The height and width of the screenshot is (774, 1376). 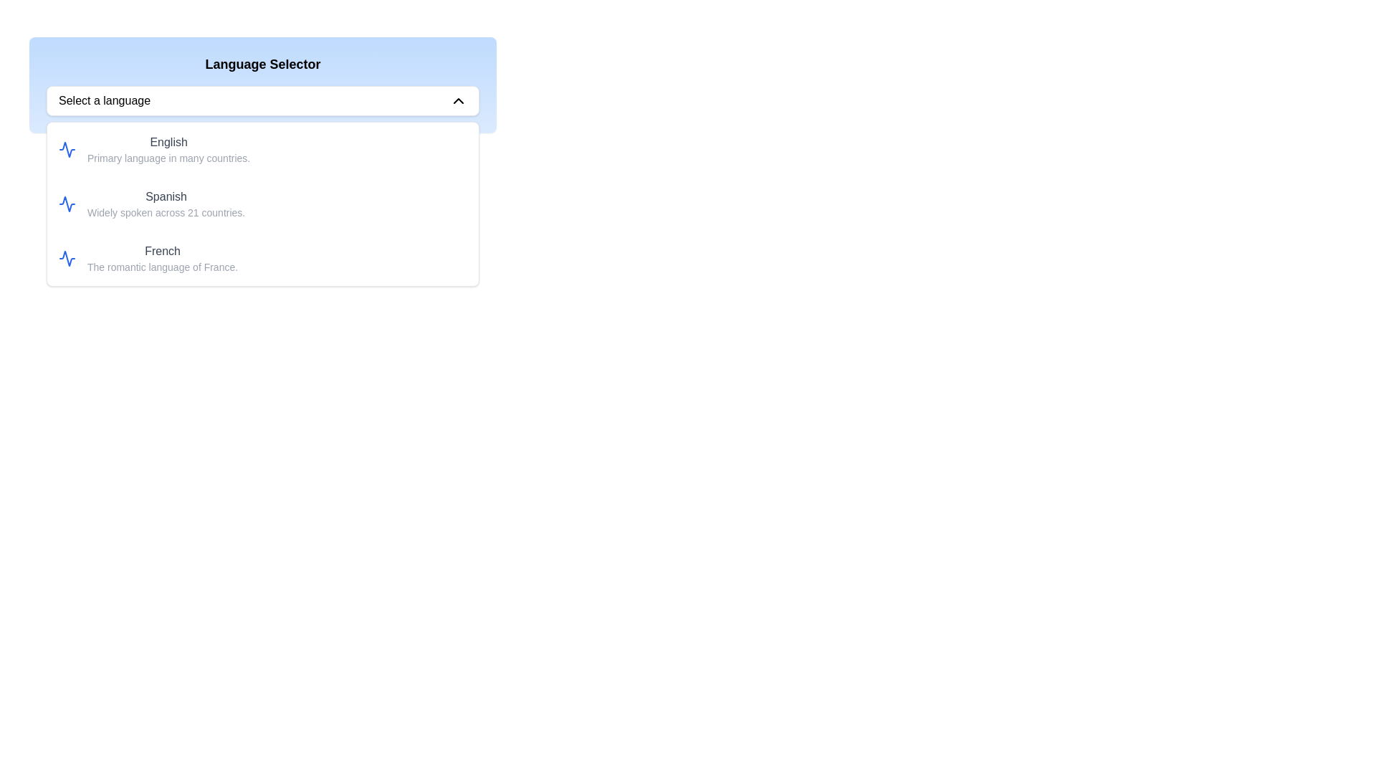 I want to click on the text label providing descriptive information about the 'English' option, located directly beneath the 'English' text in the Language Selector dropdown, so click(x=168, y=158).